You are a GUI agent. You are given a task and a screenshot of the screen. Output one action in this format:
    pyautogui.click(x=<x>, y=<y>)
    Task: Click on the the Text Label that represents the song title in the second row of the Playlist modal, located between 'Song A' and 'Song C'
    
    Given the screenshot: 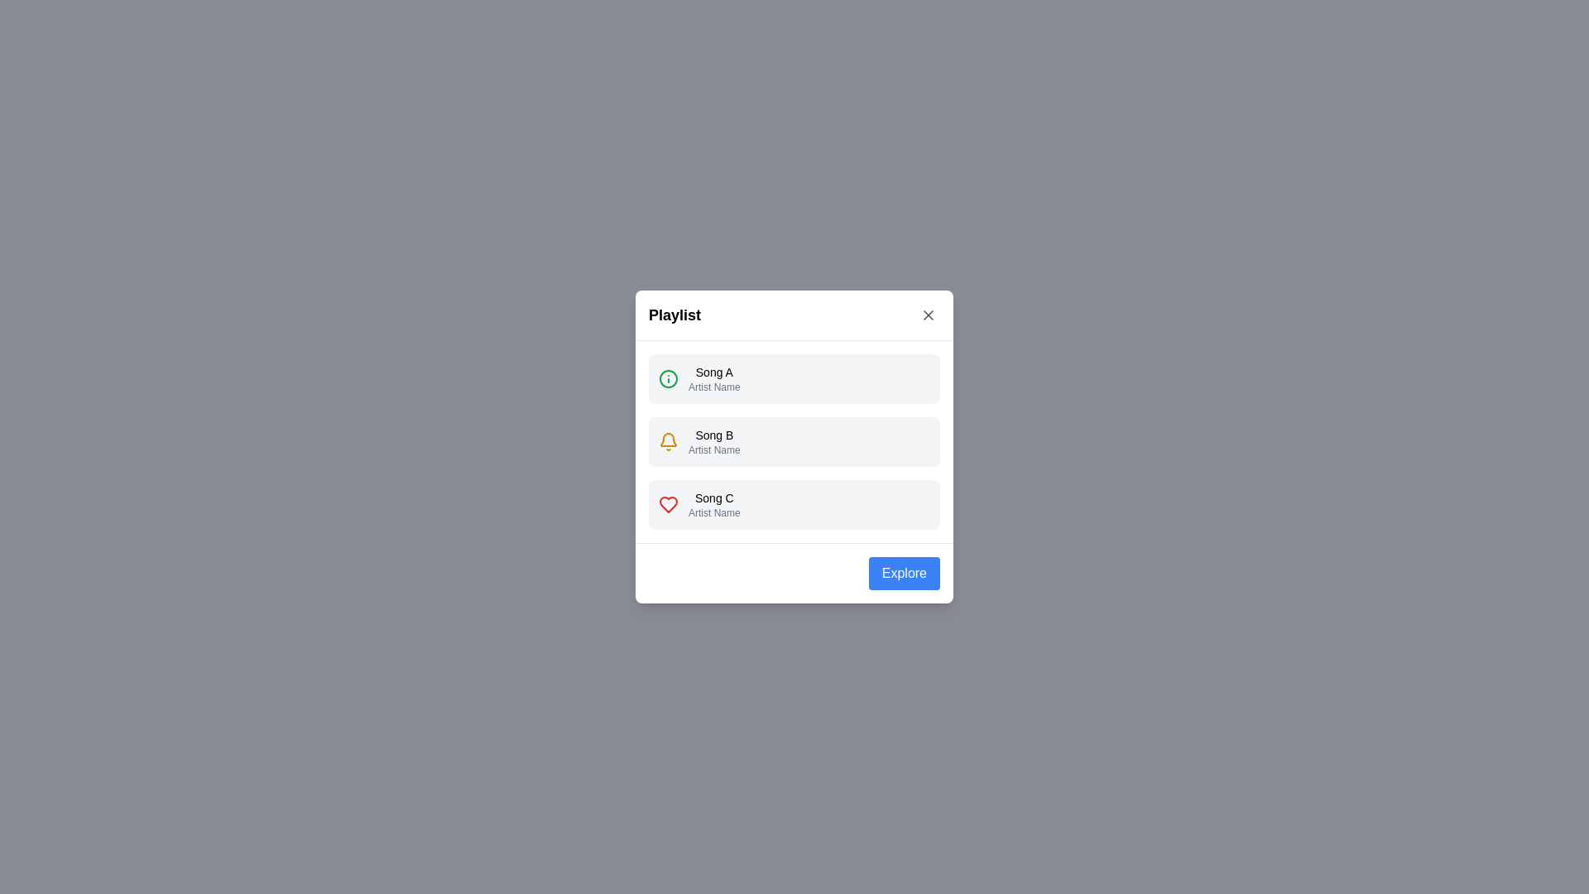 What is the action you would take?
    pyautogui.click(x=714, y=434)
    